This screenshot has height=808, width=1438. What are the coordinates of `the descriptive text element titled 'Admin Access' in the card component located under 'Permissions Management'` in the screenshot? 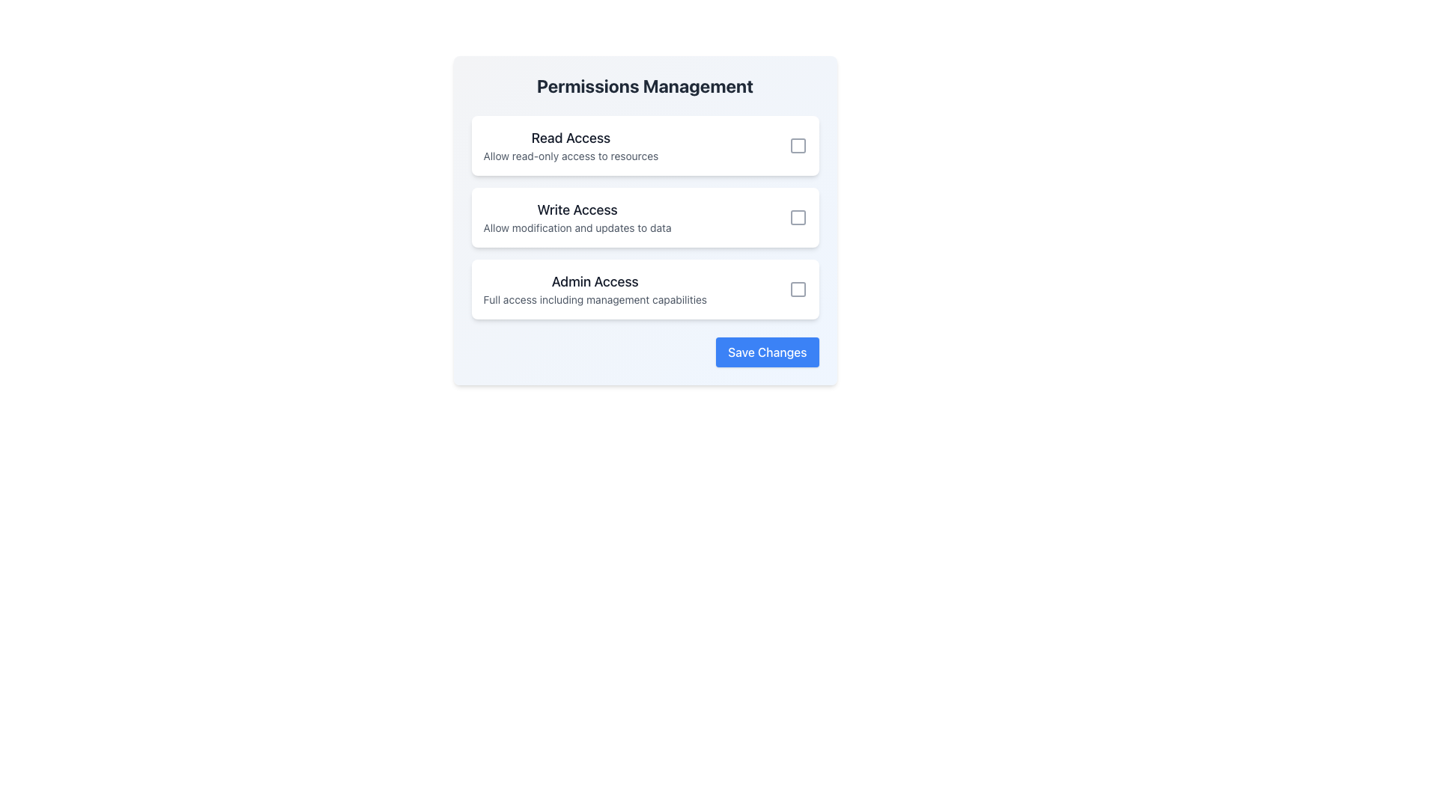 It's located at (594, 289).